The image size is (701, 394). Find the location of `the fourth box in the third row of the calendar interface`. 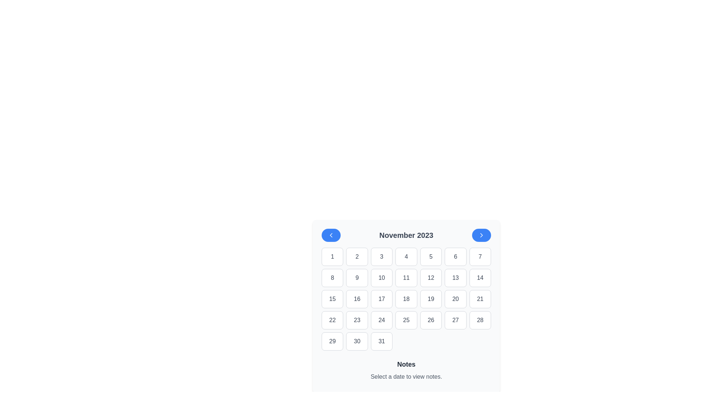

the fourth box in the third row of the calendar interface is located at coordinates (406, 299).